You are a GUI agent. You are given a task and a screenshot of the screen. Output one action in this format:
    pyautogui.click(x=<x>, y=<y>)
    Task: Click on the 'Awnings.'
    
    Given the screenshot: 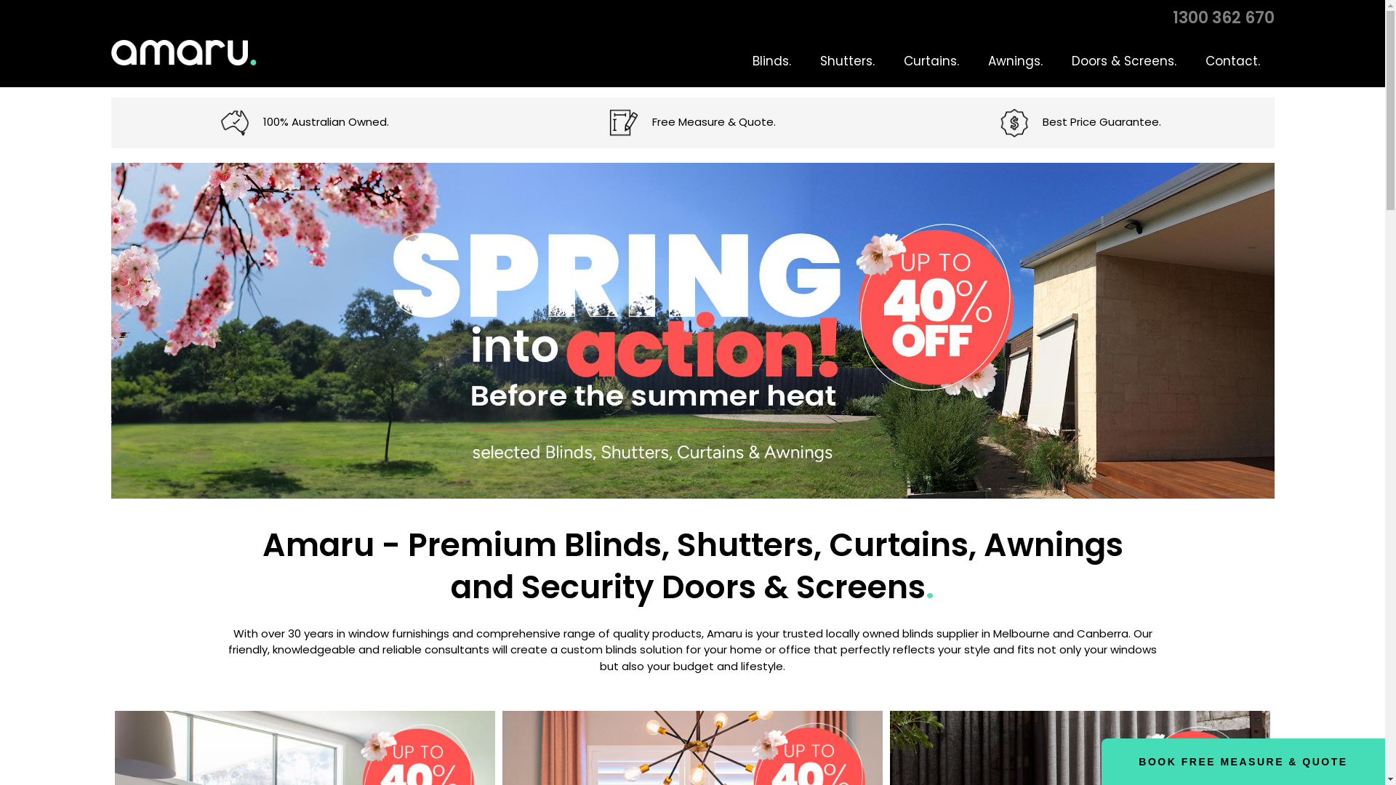 What is the action you would take?
    pyautogui.click(x=1014, y=60)
    